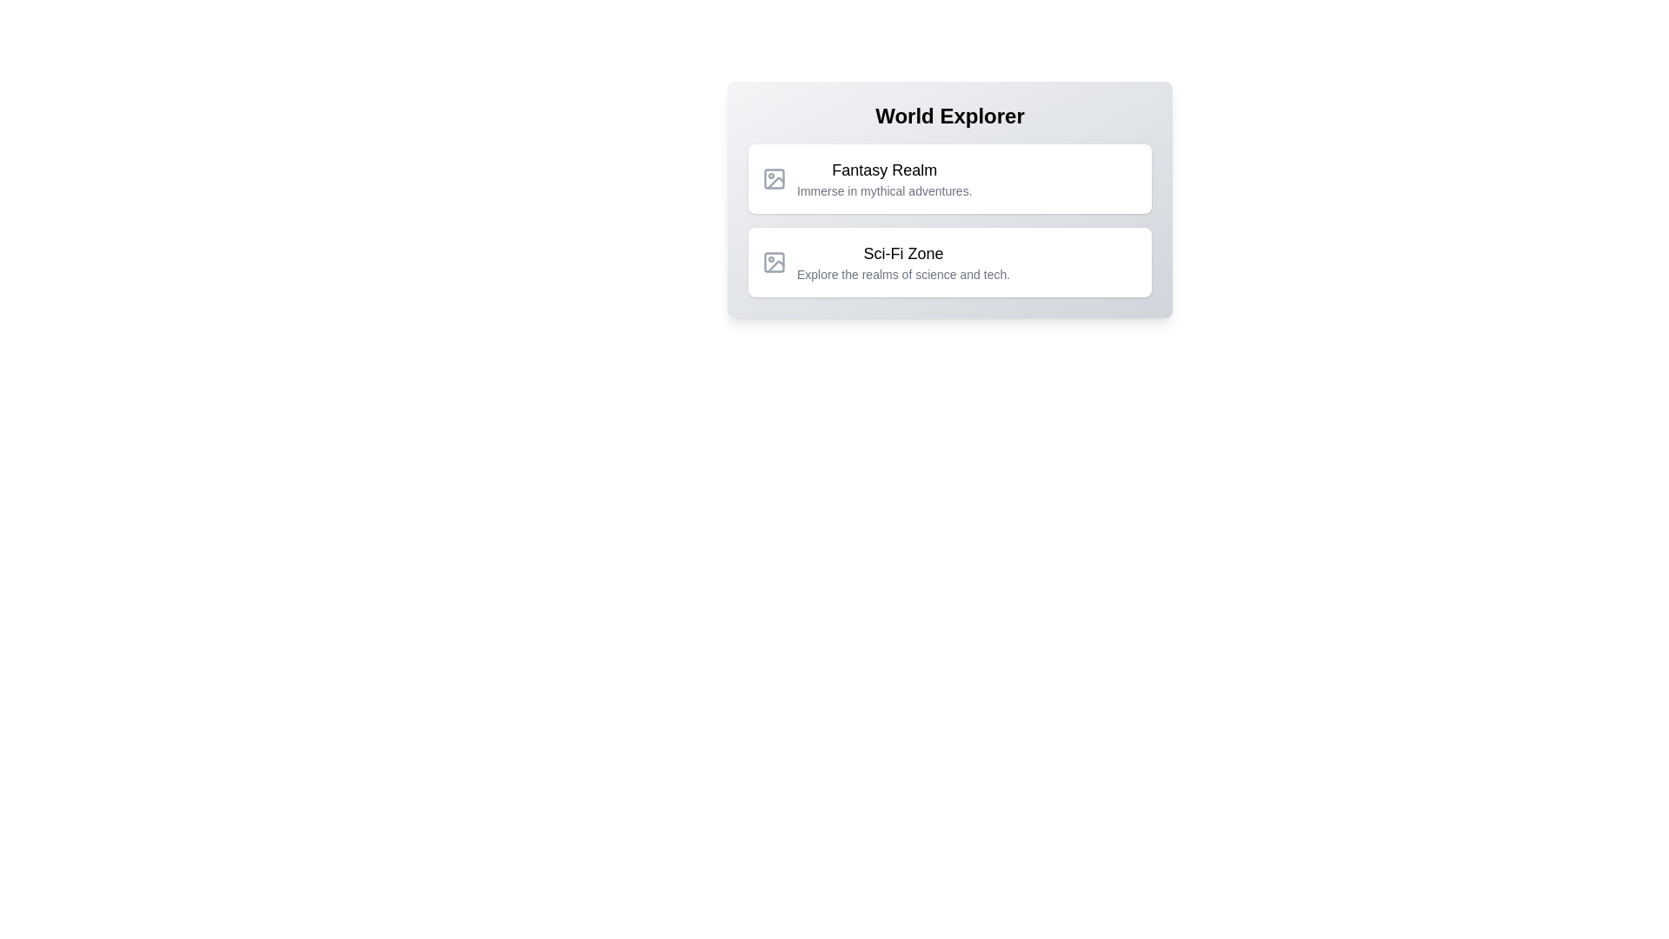 The height and width of the screenshot is (939, 1669). What do you see at coordinates (949, 262) in the screenshot?
I see `the List item titled 'Sci-Fi Zone' with a subtitle 'Explore the realms of science and tech.' located in the 'World Explorer' section` at bounding box center [949, 262].